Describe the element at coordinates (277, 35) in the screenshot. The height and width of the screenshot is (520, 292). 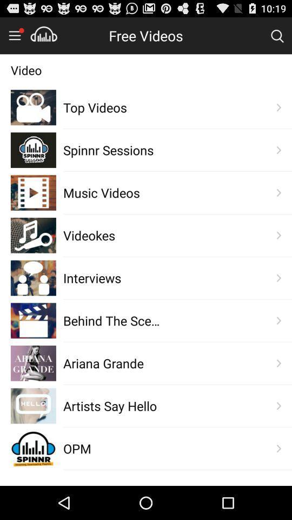
I see `search` at that location.